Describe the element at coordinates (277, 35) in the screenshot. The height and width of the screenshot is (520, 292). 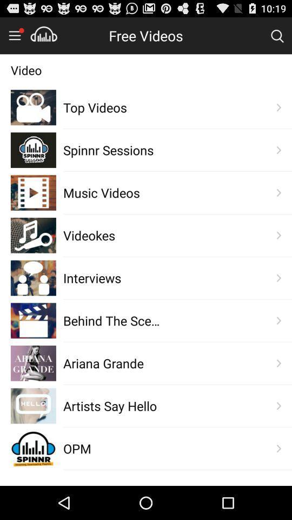
I see `search` at that location.